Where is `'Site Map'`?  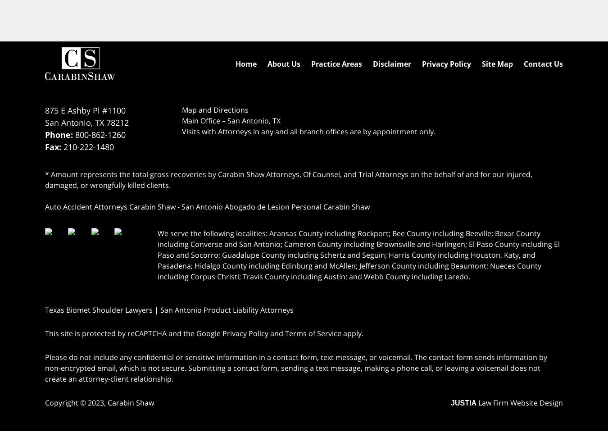
'Site Map' is located at coordinates (497, 63).